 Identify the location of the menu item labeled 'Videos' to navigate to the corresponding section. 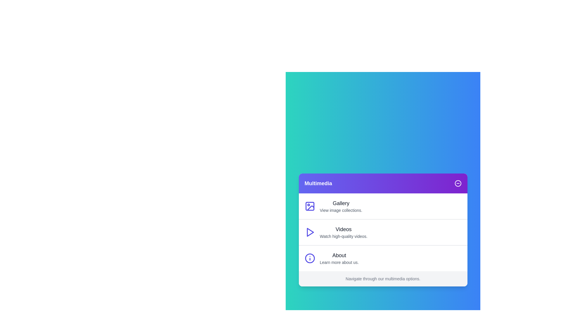
(383, 232).